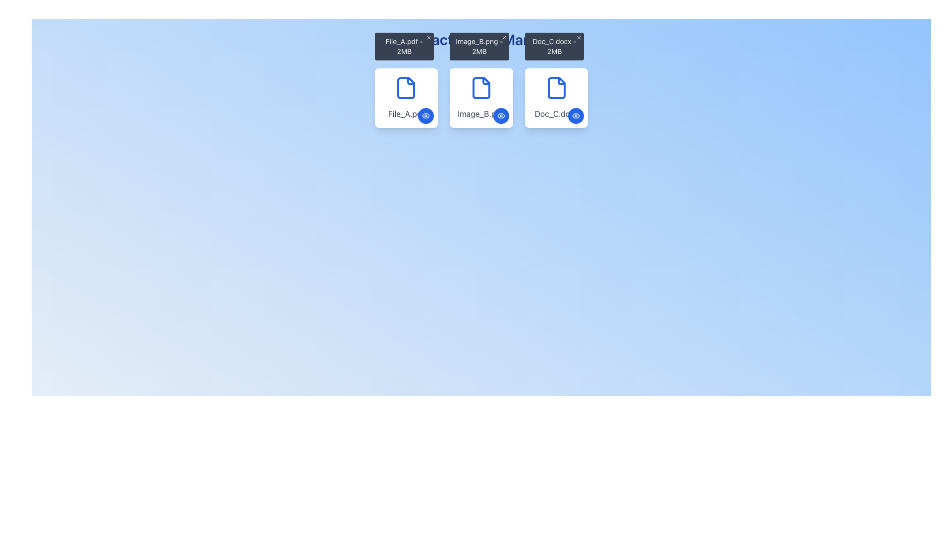  I want to click on the blue document icon with a folded top-right corner, which is located in the center of the card displaying 'Doc_C.docx', so click(556, 87).